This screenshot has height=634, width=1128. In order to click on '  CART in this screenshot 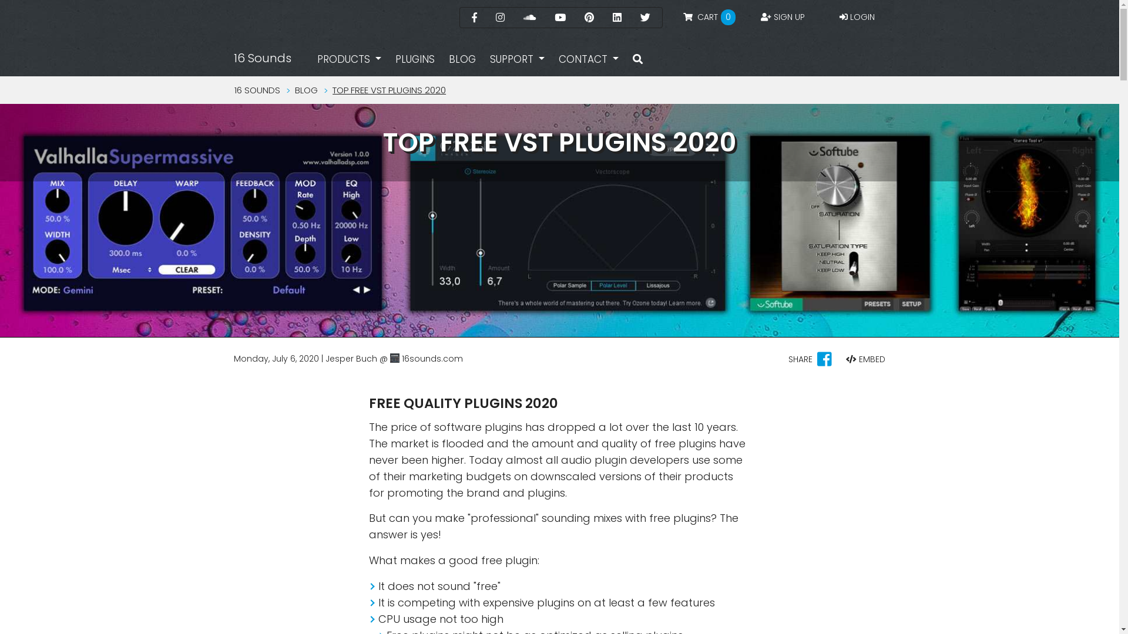, I will do `click(680, 17)`.